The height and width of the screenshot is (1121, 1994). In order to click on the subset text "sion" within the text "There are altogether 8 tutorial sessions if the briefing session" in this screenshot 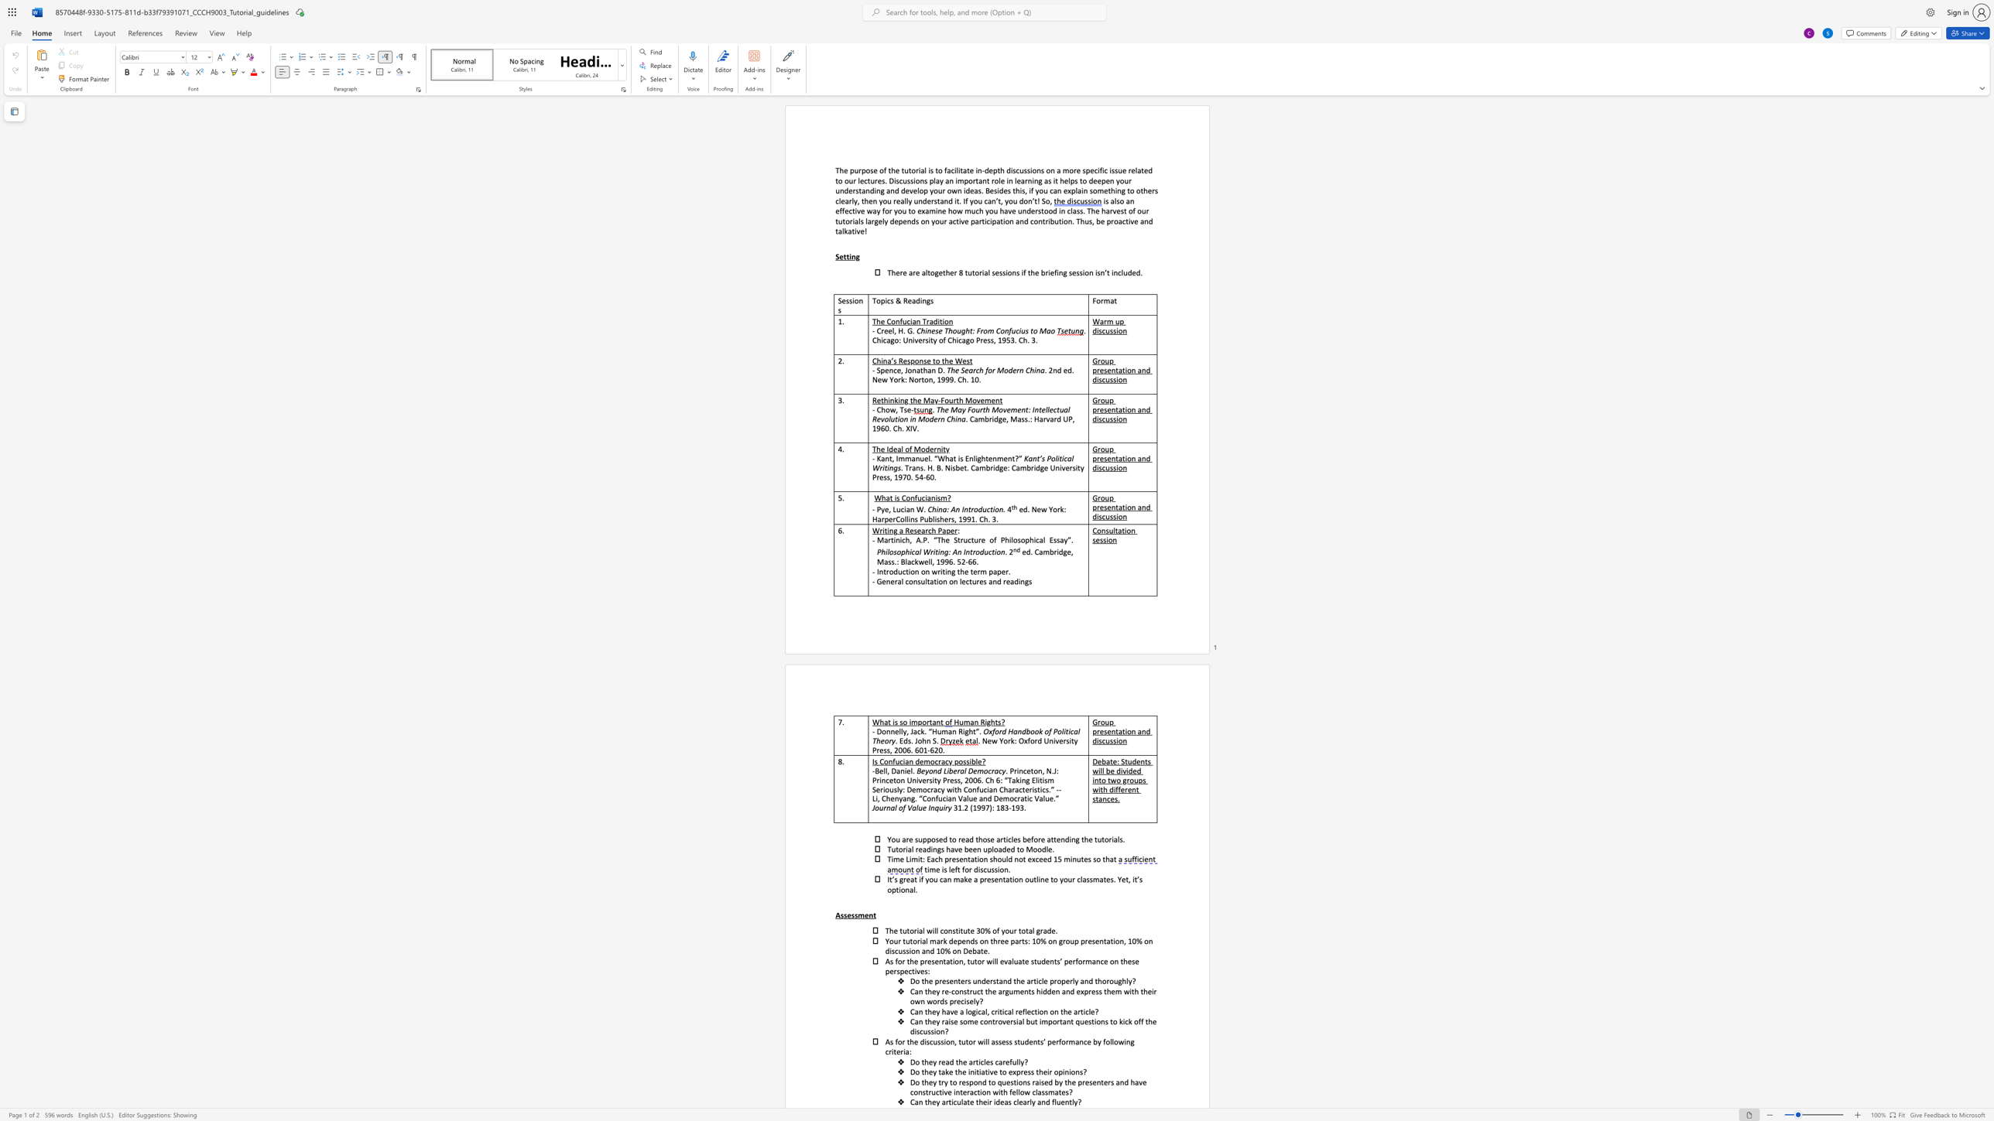, I will do `click(1078, 272)`.